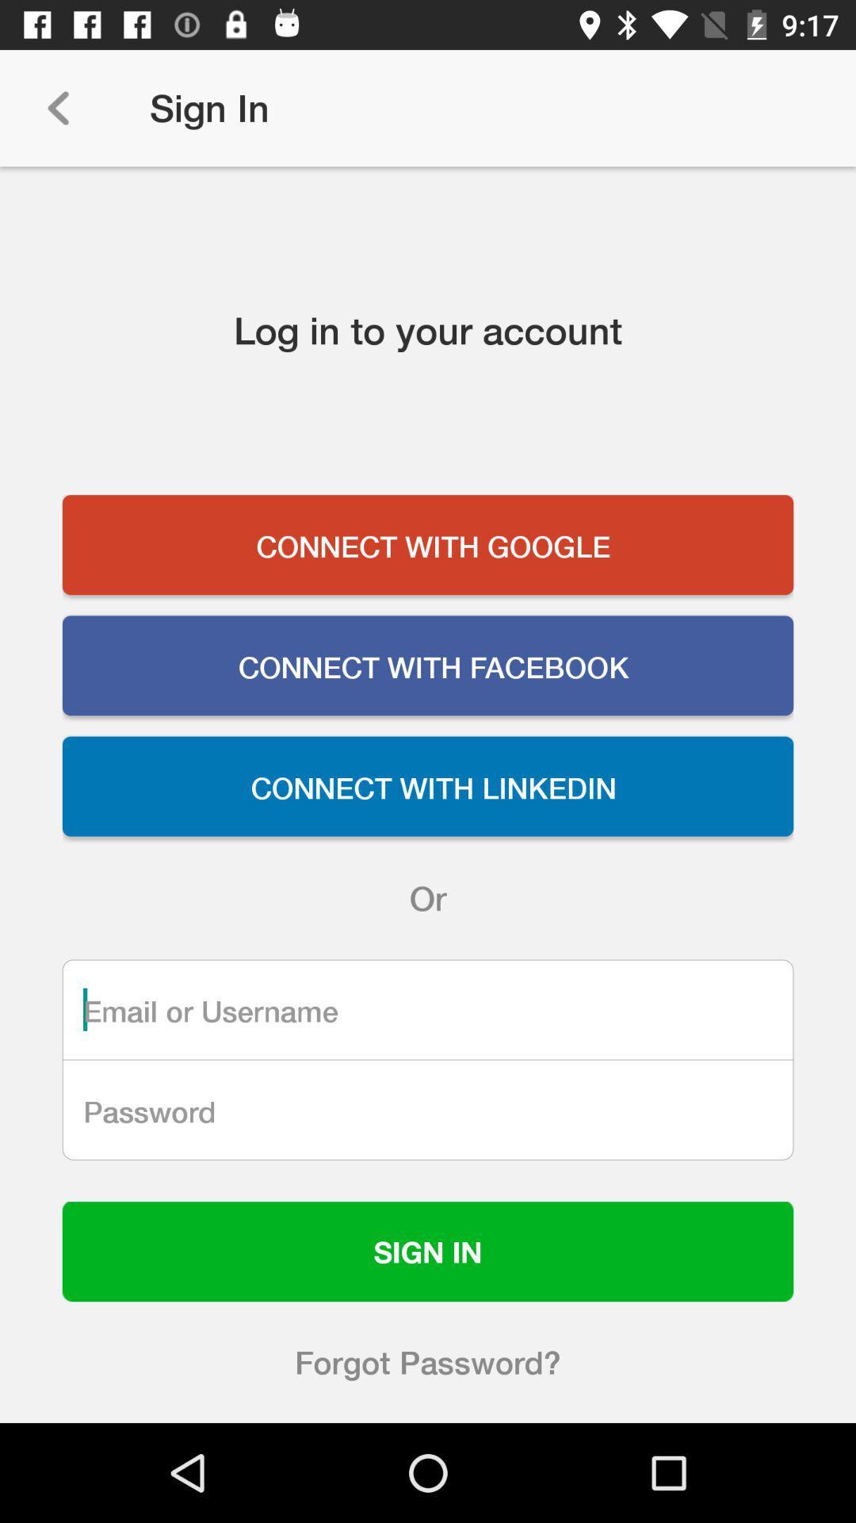 This screenshot has height=1523, width=856. What do you see at coordinates (428, 1008) in the screenshot?
I see `blank for writting` at bounding box center [428, 1008].